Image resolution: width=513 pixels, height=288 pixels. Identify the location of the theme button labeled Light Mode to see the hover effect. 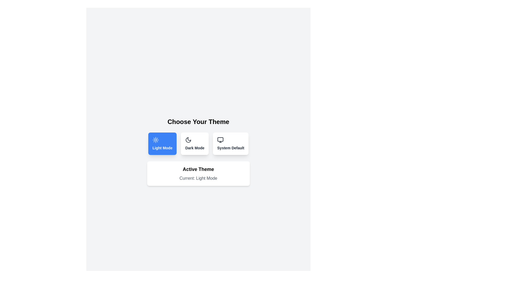
(162, 143).